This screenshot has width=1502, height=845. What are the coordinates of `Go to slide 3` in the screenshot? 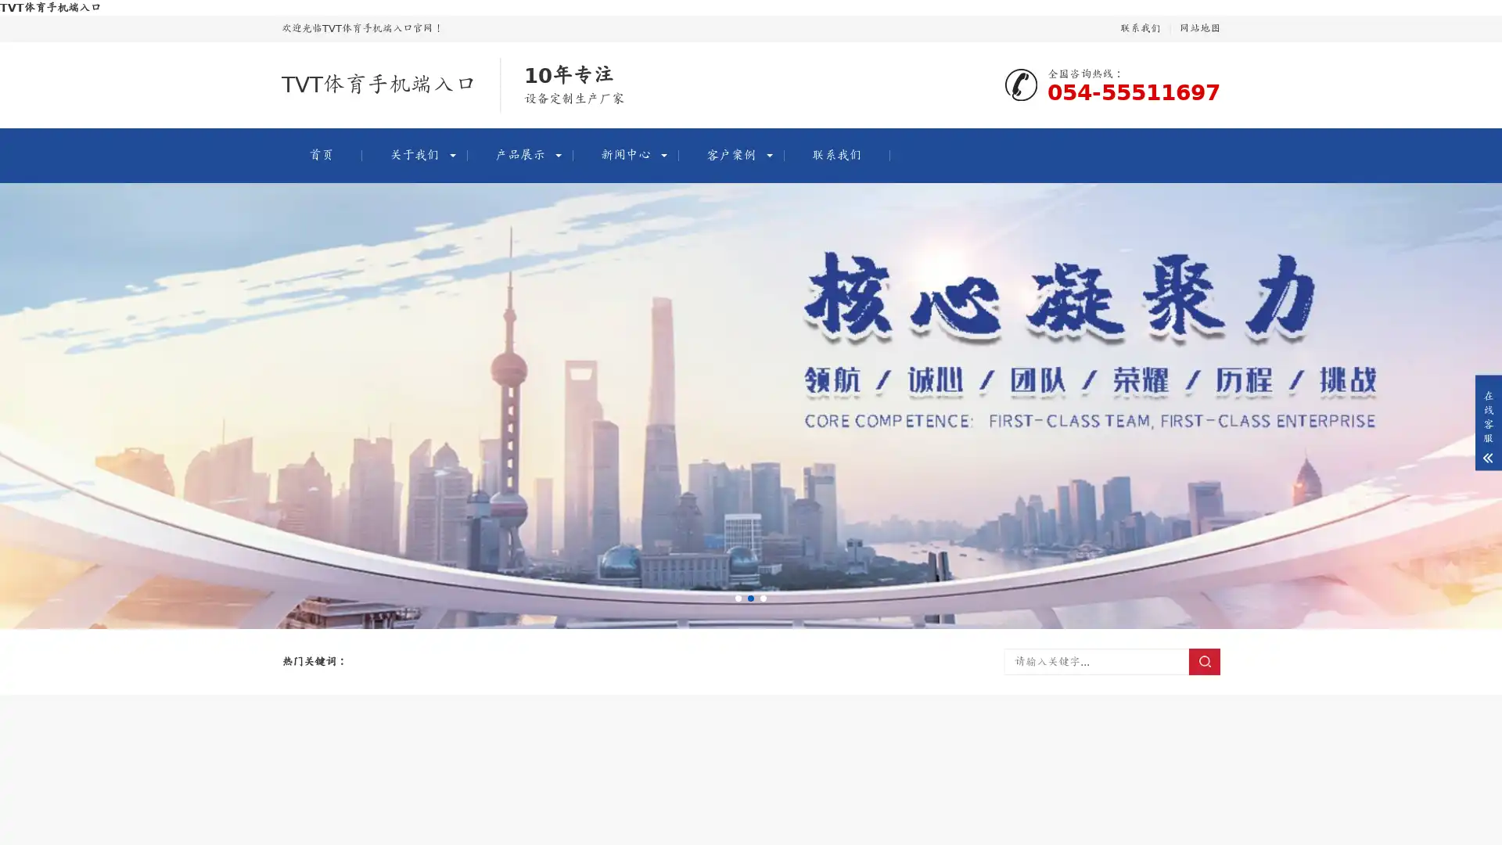 It's located at (763, 598).